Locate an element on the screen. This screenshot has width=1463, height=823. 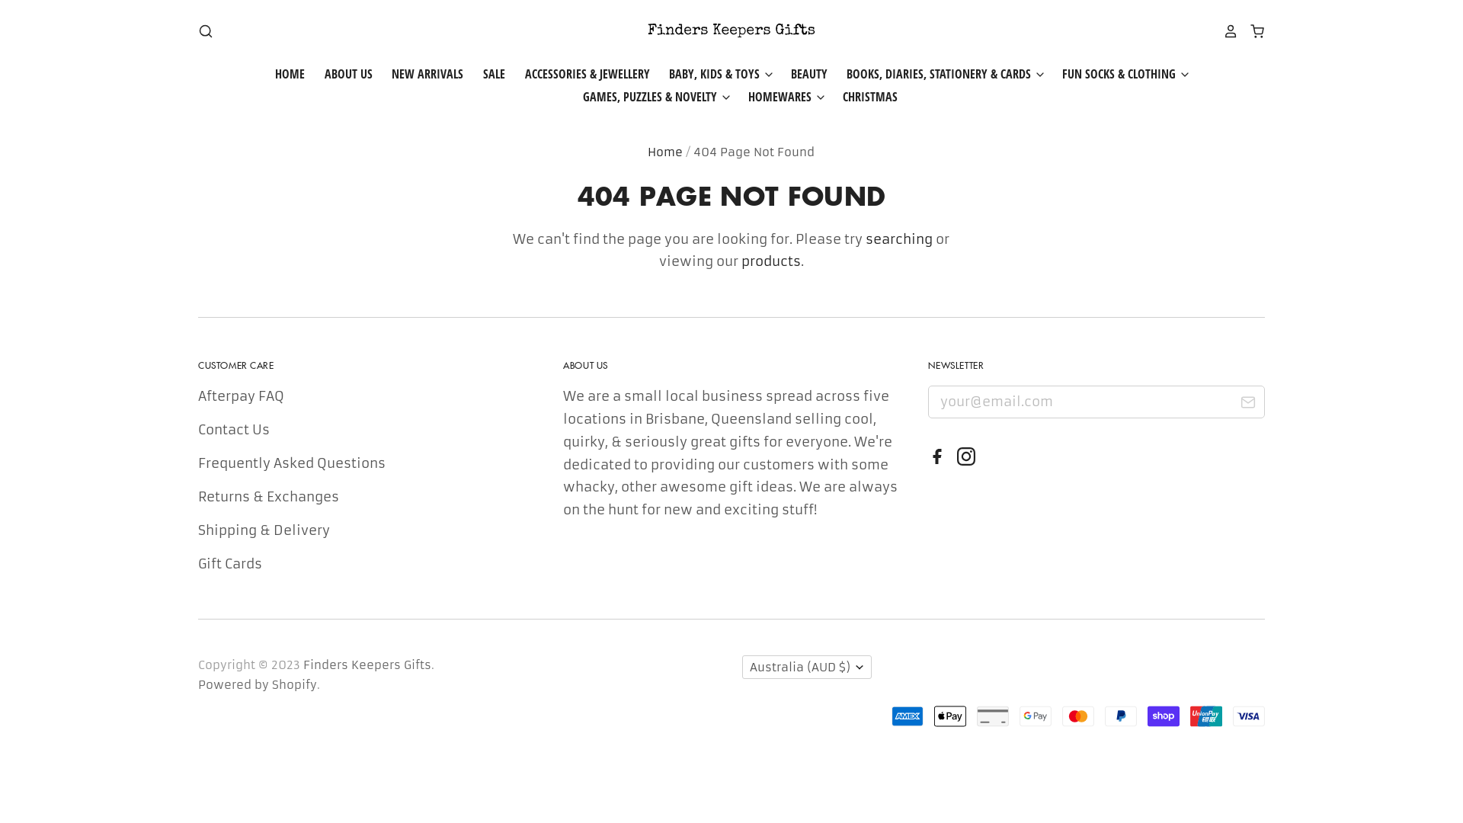
'HOME' is located at coordinates (290, 73).